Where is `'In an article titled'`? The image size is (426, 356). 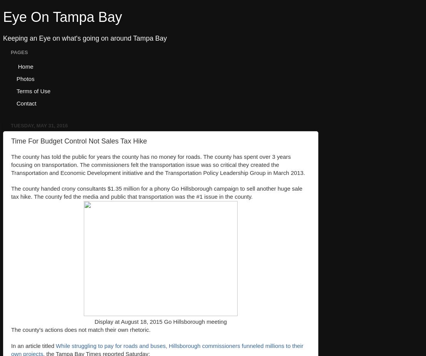 'In an article titled' is located at coordinates (33, 345).